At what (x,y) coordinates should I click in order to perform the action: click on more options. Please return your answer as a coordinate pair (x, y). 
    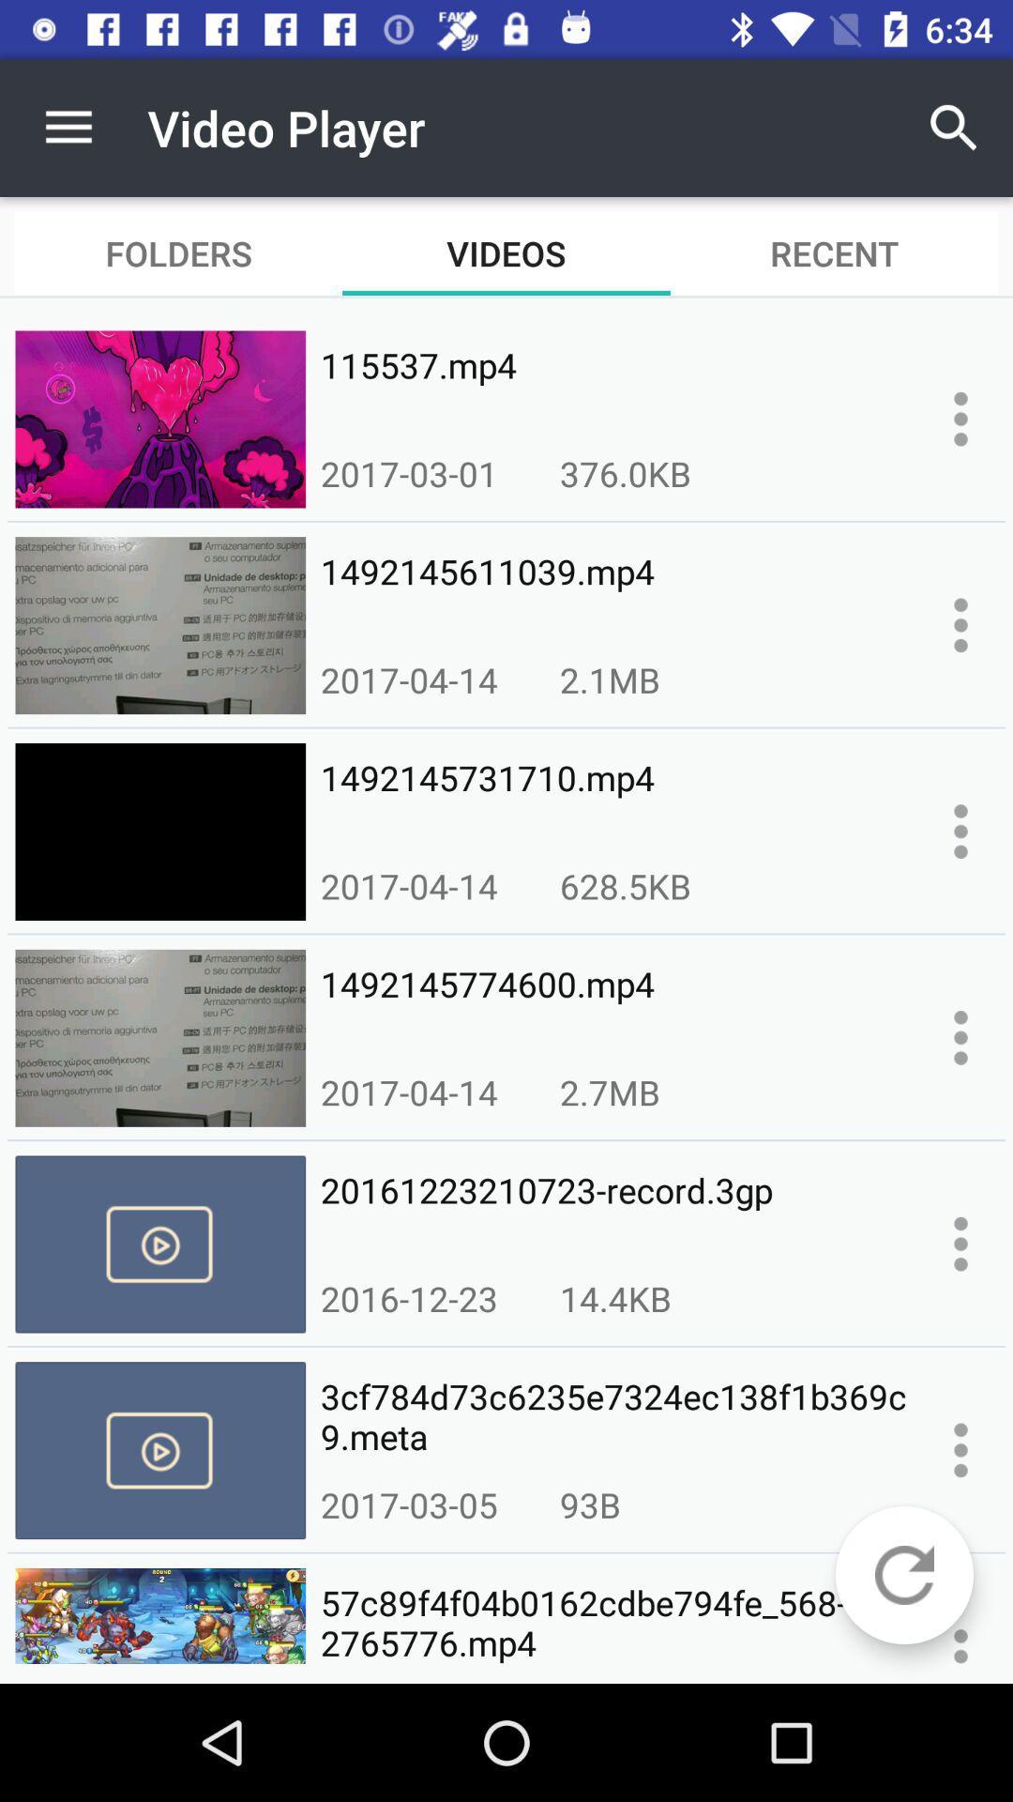
    Looking at the image, I should click on (960, 1036).